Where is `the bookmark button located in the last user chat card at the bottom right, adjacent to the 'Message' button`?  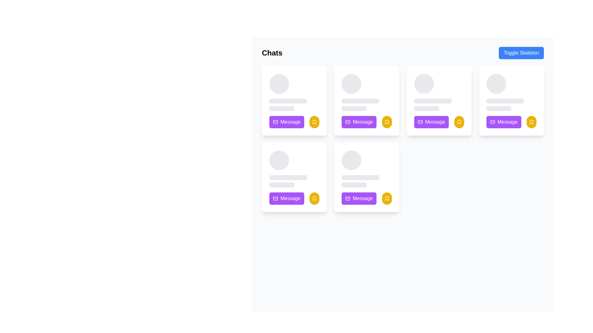
the bookmark button located in the last user chat card at the bottom right, adjacent to the 'Message' button is located at coordinates (386, 199).